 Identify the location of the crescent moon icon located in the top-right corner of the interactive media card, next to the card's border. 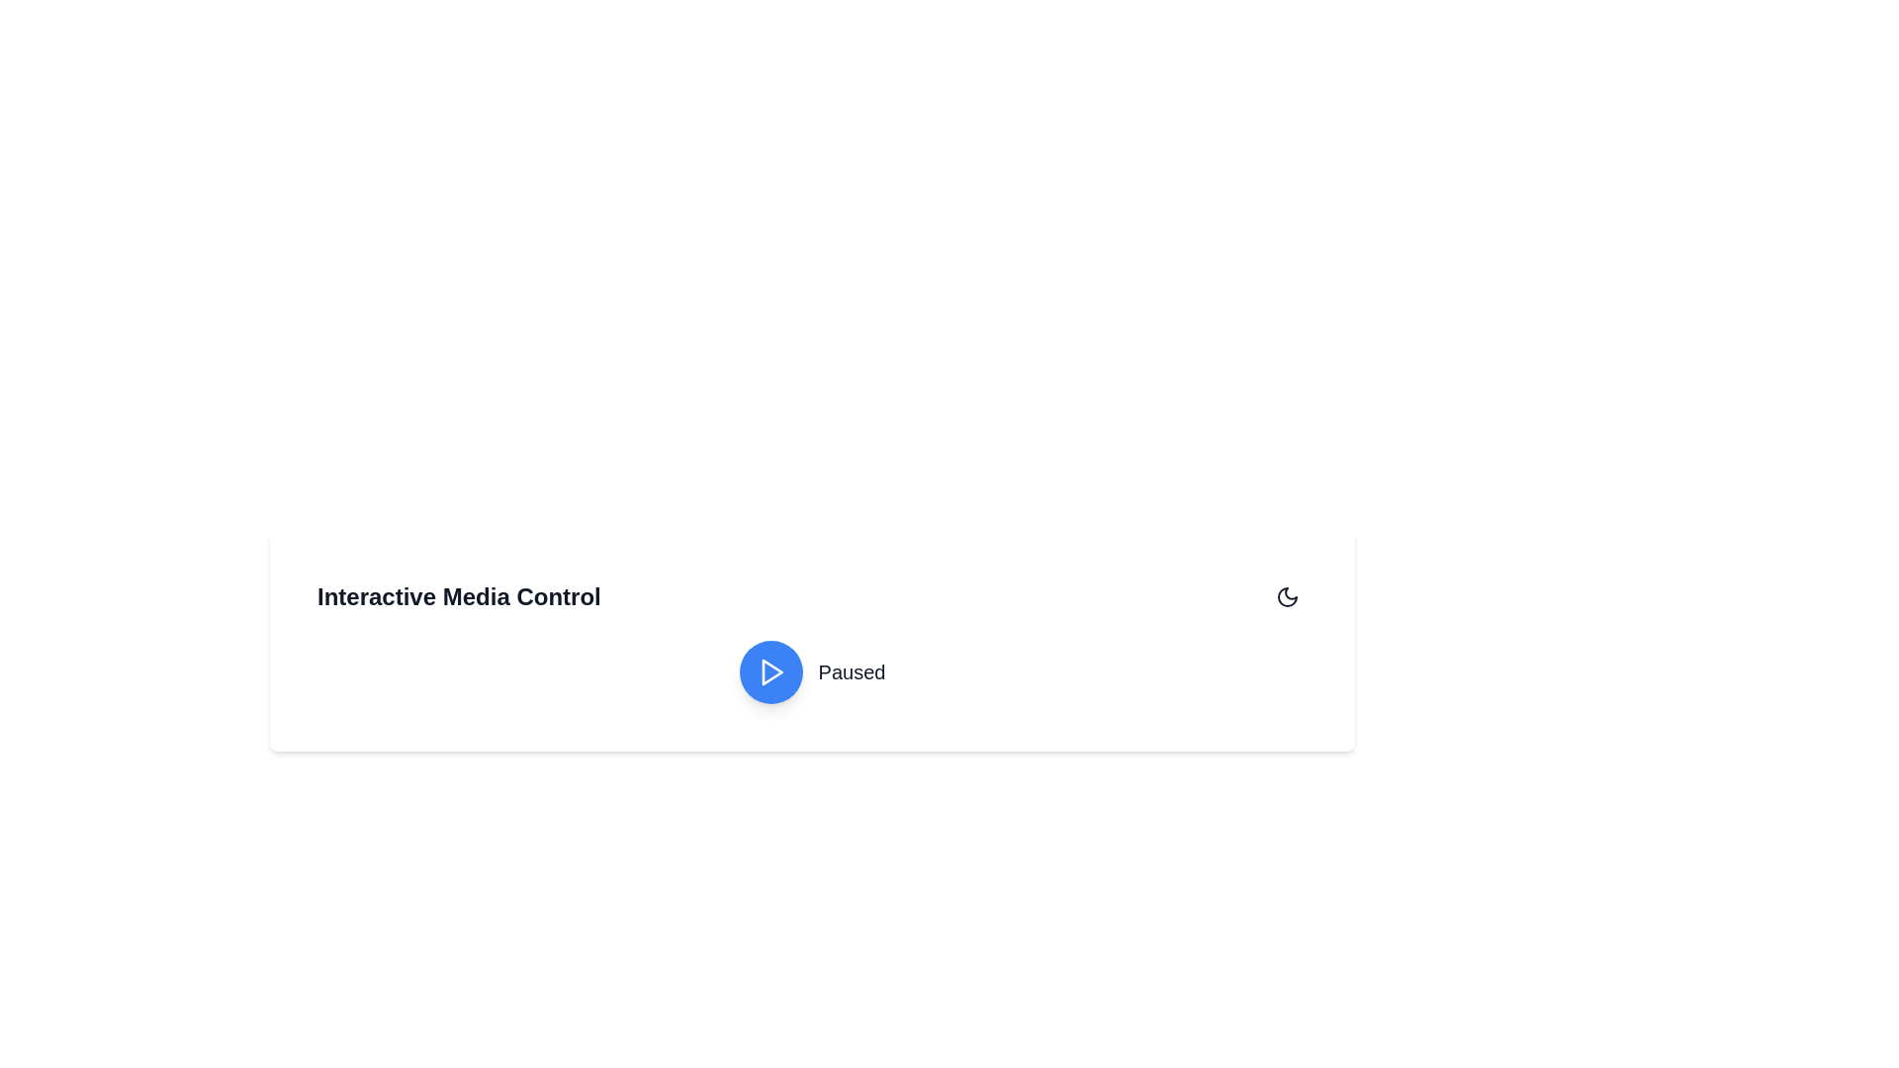
(1287, 596).